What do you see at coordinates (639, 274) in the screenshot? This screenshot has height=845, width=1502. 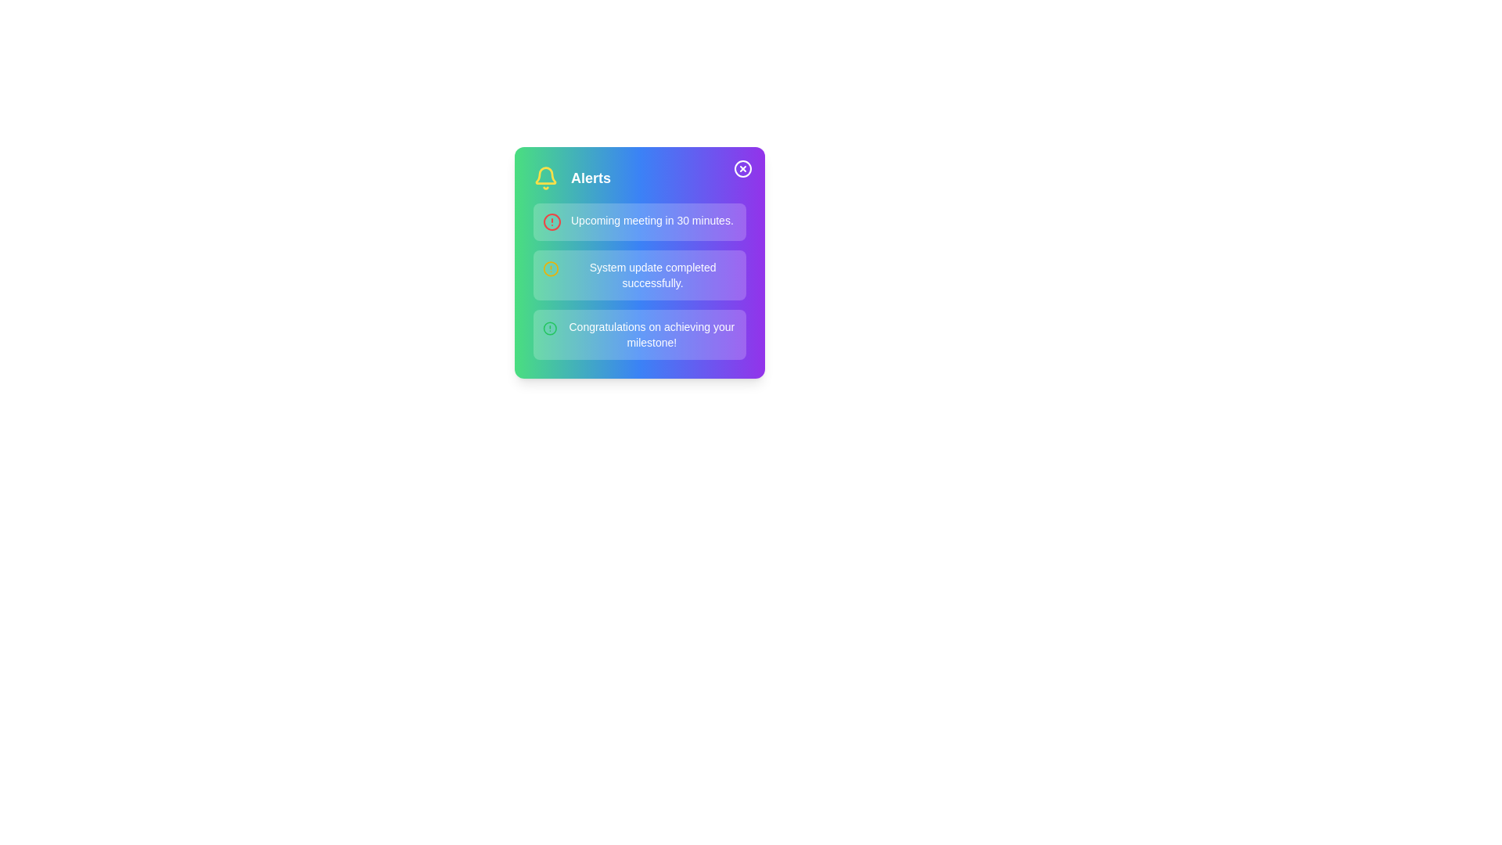 I see `the second text notification that informs the user about the completed system update in the dialog box` at bounding box center [639, 274].